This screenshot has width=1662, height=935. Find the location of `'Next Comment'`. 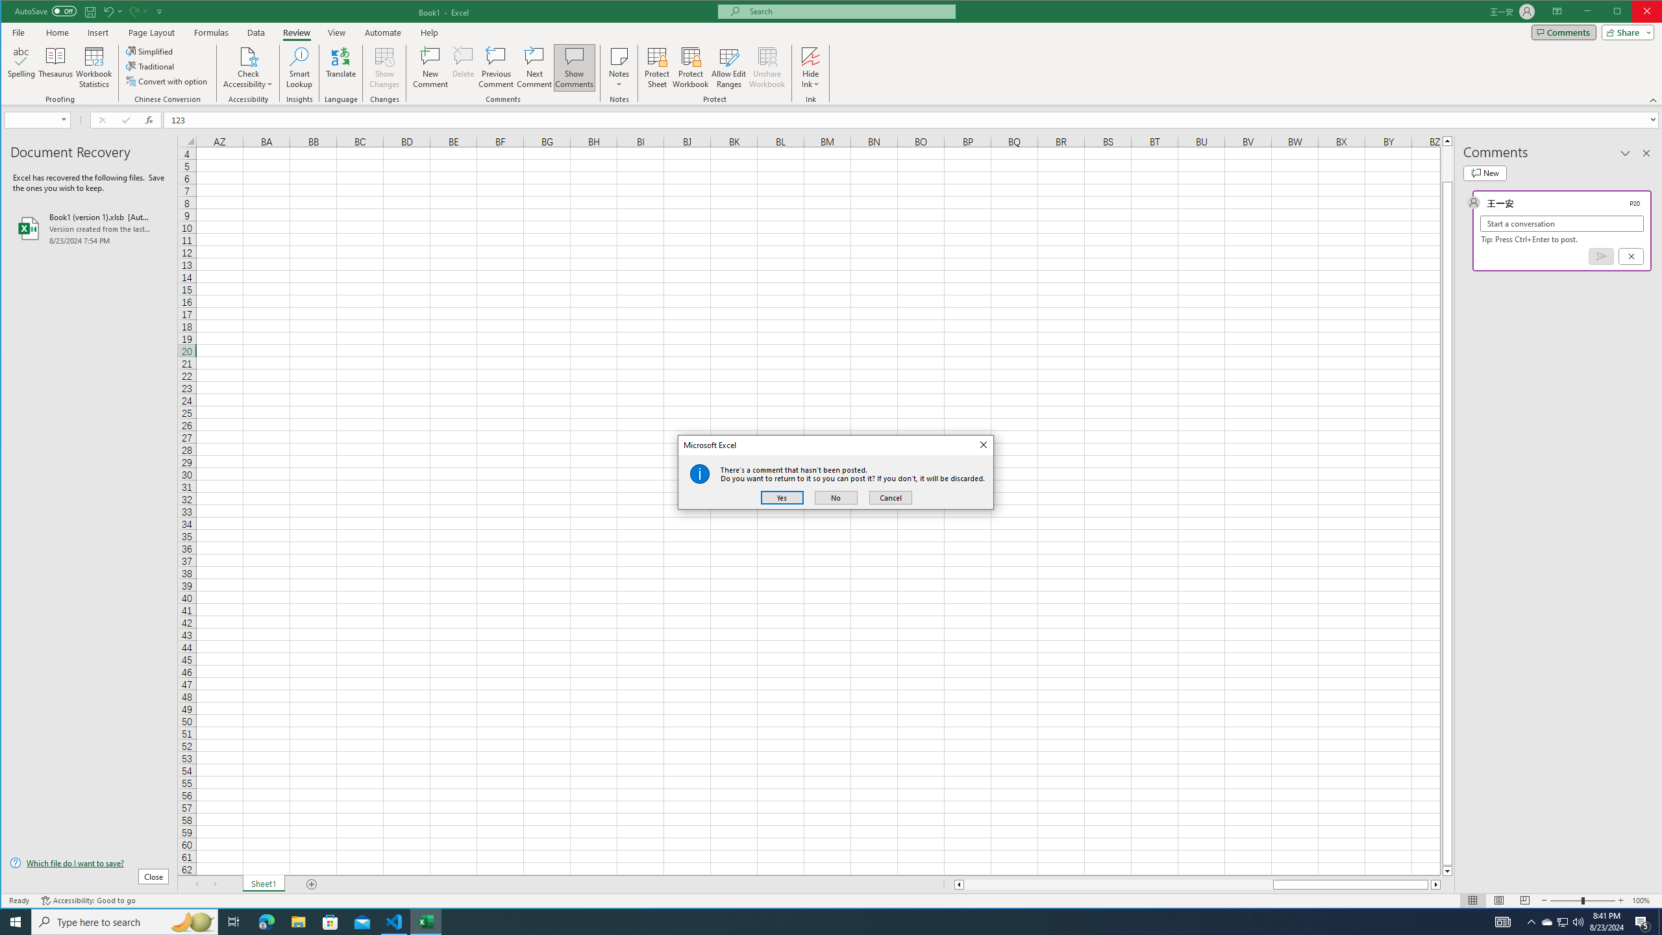

'Next Comment' is located at coordinates (534, 67).